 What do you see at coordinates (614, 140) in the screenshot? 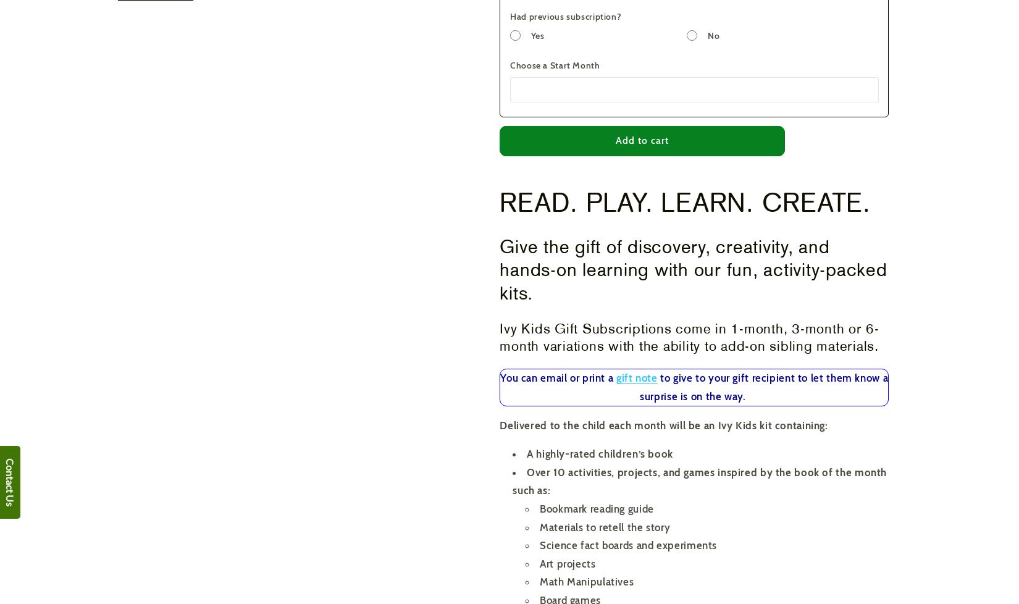
I see `'Add to cart'` at bounding box center [614, 140].